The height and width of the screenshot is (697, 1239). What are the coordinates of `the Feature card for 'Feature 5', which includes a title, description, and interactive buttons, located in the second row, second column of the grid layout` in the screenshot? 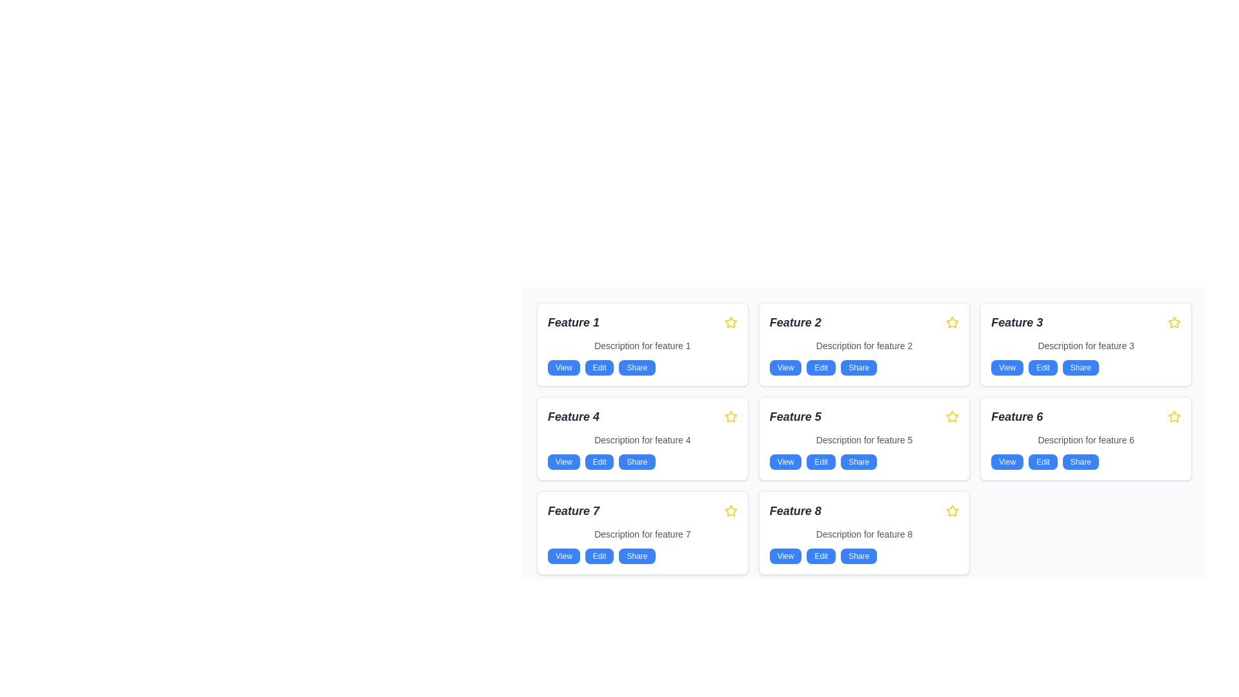 It's located at (864, 438).